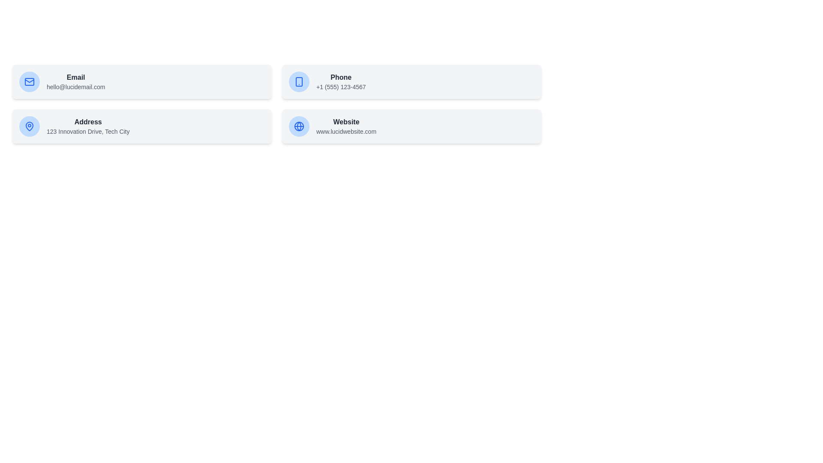 The image size is (823, 463). Describe the element at coordinates (299, 126) in the screenshot. I see `the globe icon, which is the fourth box from the left labeled 'Website' in a horizontally aligned set of similar boxes` at that location.